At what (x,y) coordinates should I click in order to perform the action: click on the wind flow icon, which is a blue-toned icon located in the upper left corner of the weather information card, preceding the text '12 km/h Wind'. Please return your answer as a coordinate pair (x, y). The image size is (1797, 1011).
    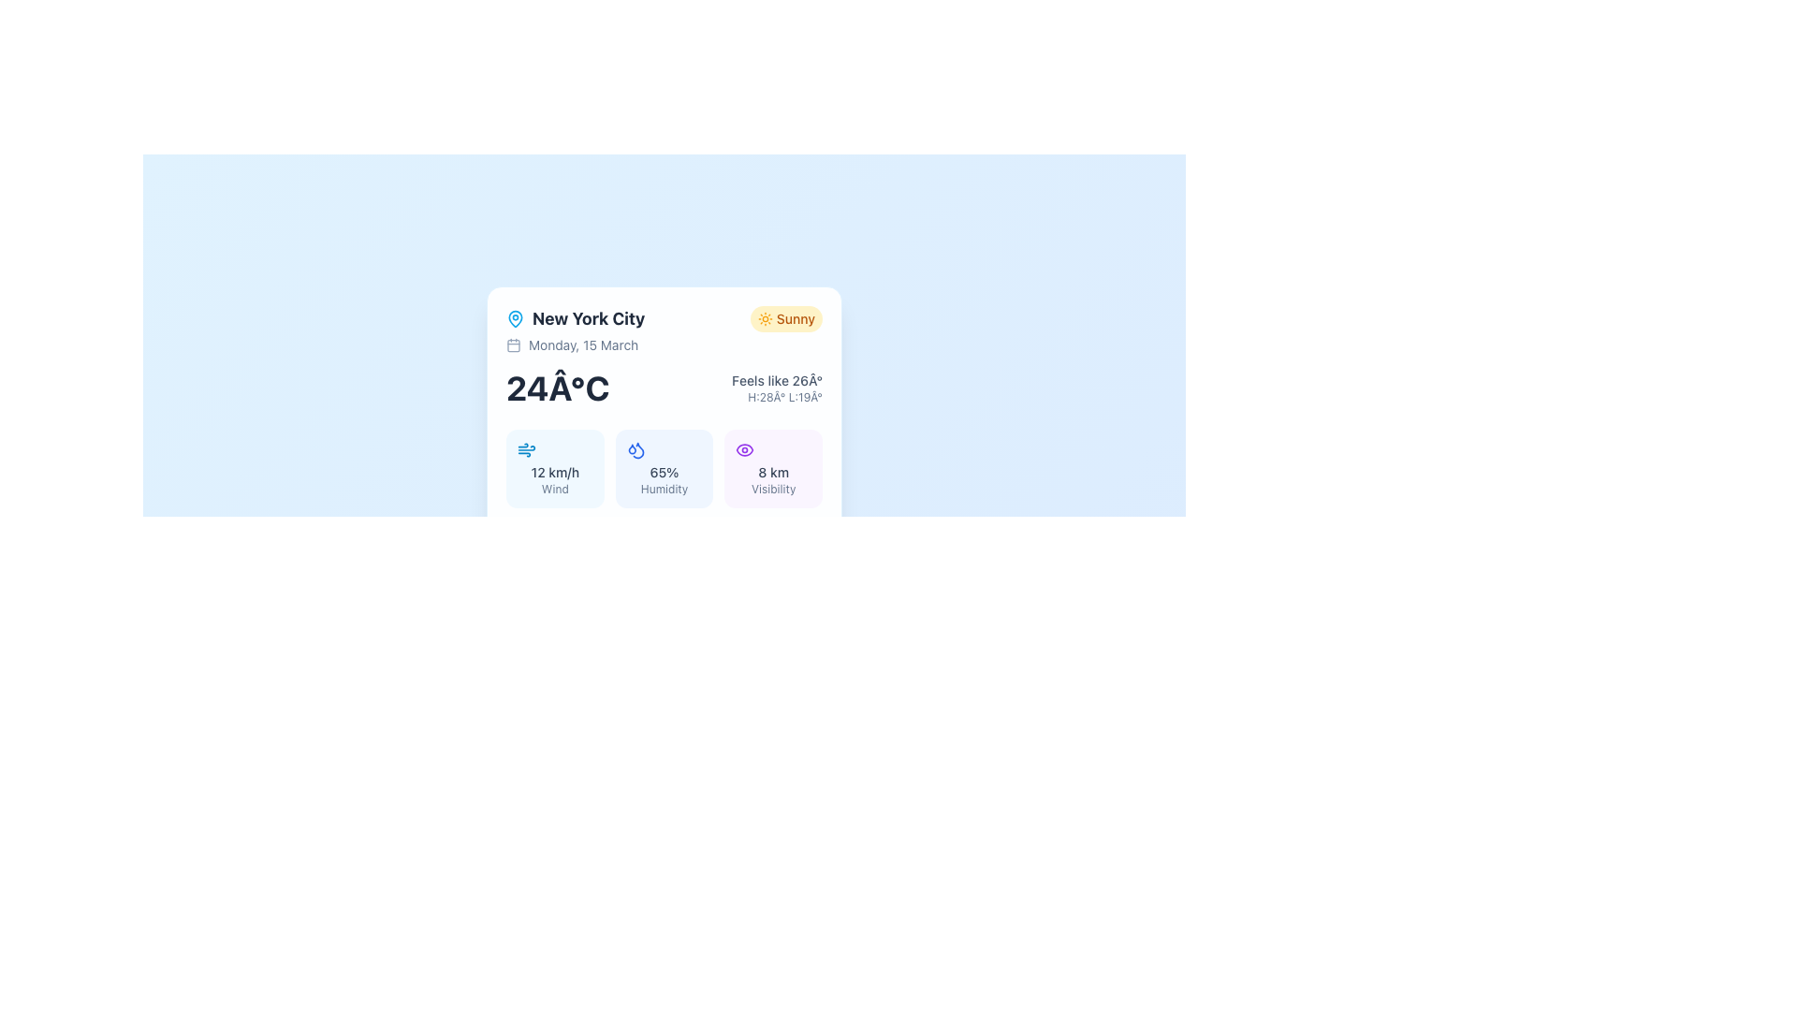
    Looking at the image, I should click on (525, 450).